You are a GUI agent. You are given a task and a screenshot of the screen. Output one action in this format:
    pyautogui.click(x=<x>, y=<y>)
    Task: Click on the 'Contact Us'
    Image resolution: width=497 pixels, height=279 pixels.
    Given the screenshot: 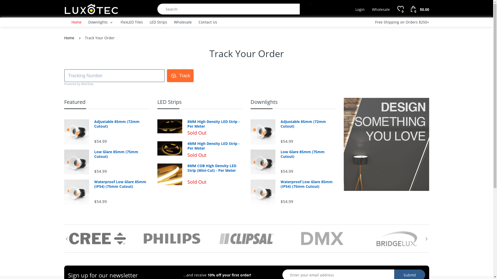 What is the action you would take?
    pyautogui.click(x=198, y=22)
    